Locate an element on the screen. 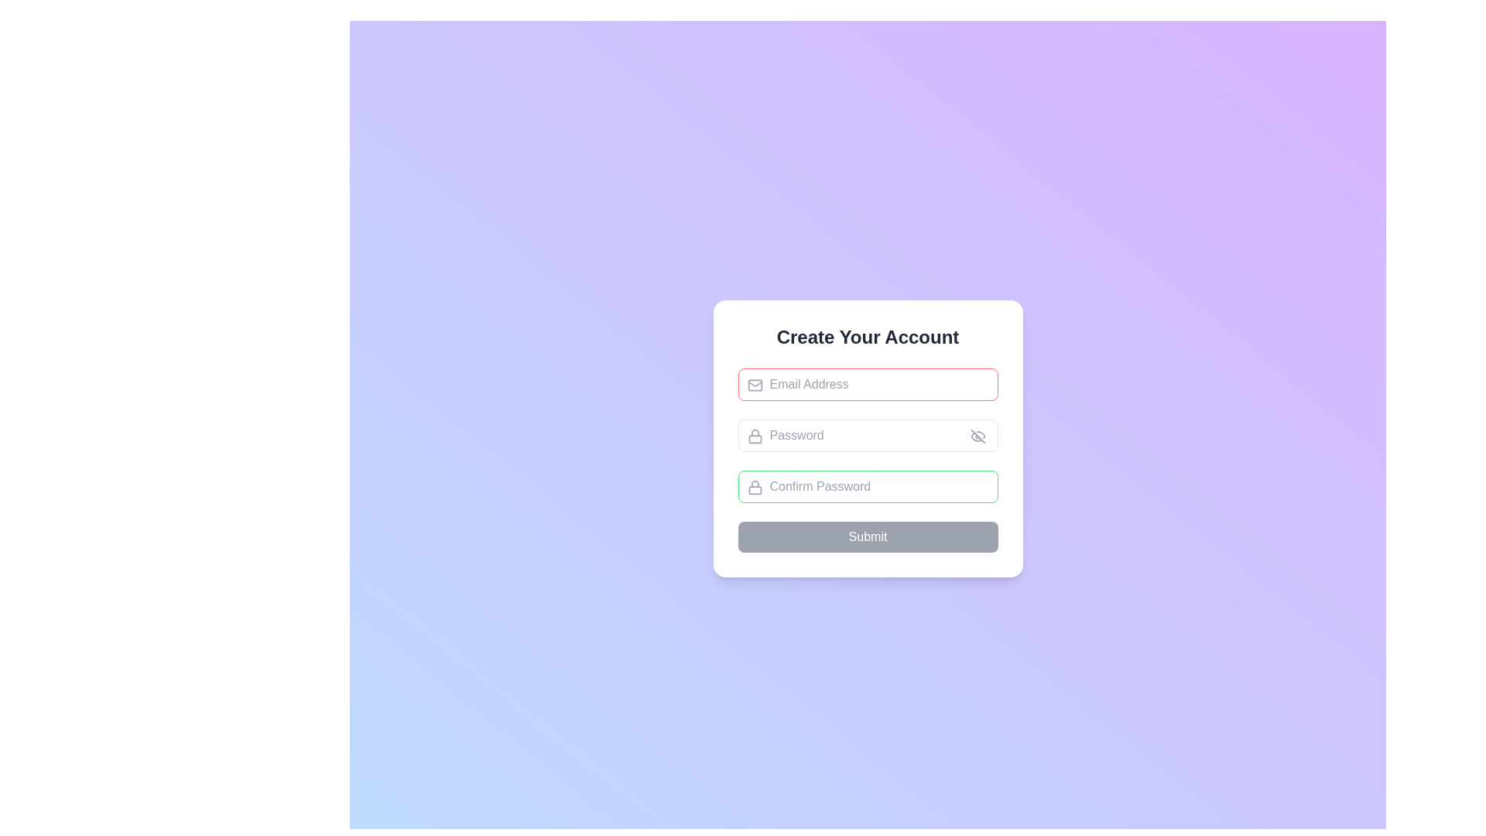  the bottom rectangular section of the padlock icon located within the 'Confirm Password' input field is located at coordinates (755, 490).